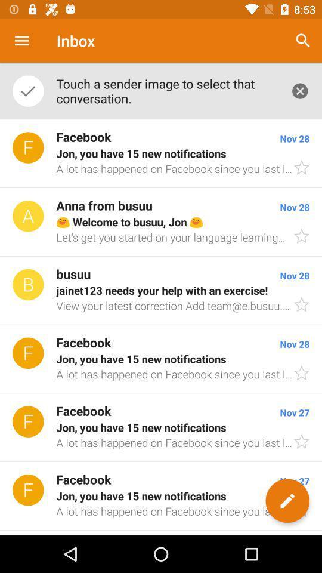 This screenshot has height=573, width=322. Describe the element at coordinates (299, 90) in the screenshot. I see `the icon next to touch a sender icon` at that location.